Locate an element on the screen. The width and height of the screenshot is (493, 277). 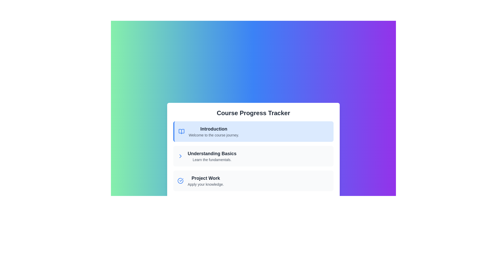
the Informational card titled 'Project Work' is located at coordinates (253, 181).